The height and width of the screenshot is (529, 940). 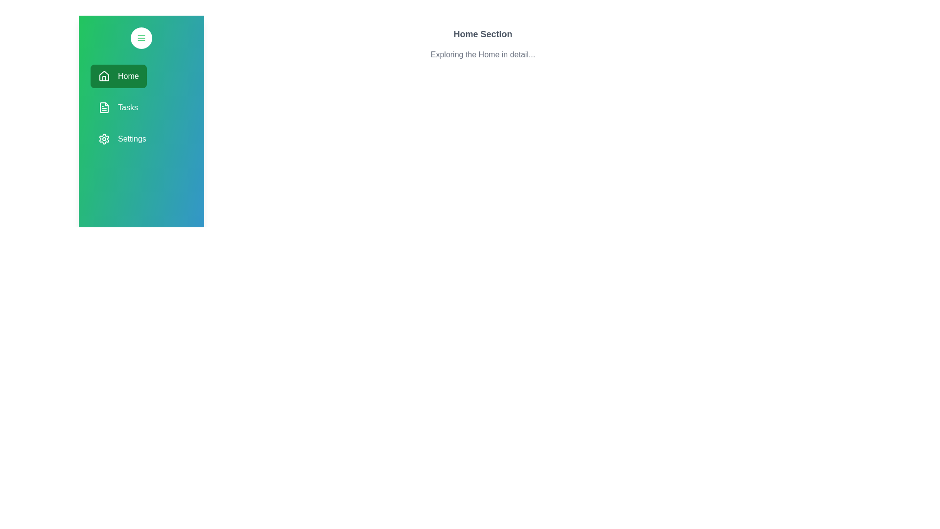 I want to click on the 'Settings' icon located in the vertical navigation sidebar, so click(x=104, y=139).